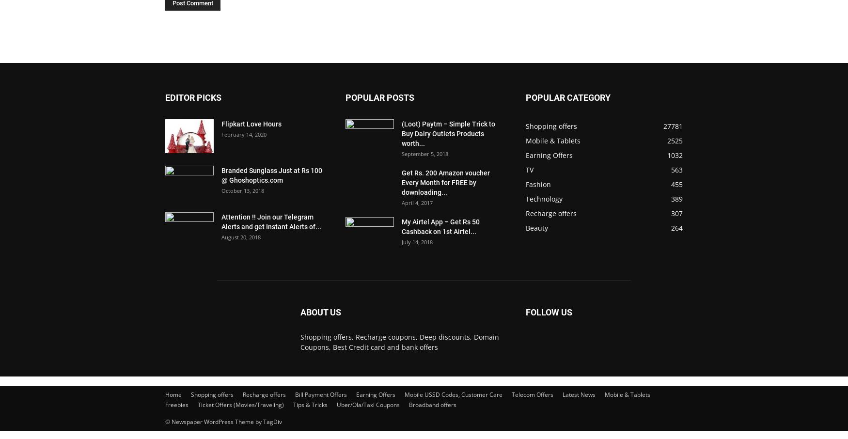  Describe the element at coordinates (676, 213) in the screenshot. I see `'307'` at that location.